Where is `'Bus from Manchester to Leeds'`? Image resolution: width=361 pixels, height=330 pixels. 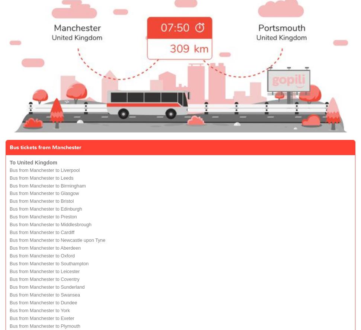
'Bus from Manchester to Leeds' is located at coordinates (41, 177).